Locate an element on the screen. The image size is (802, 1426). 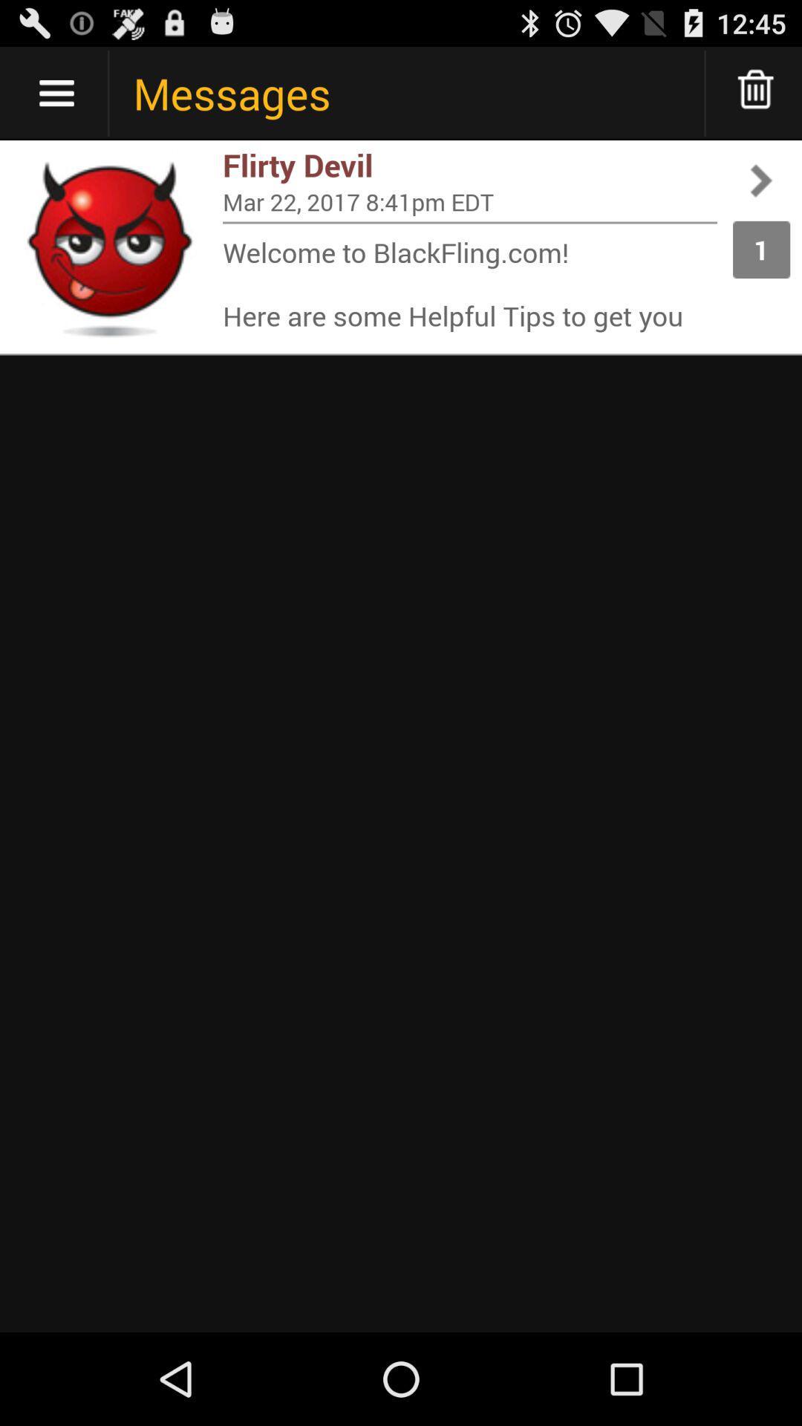
item next to 1 app is located at coordinates (469, 221).